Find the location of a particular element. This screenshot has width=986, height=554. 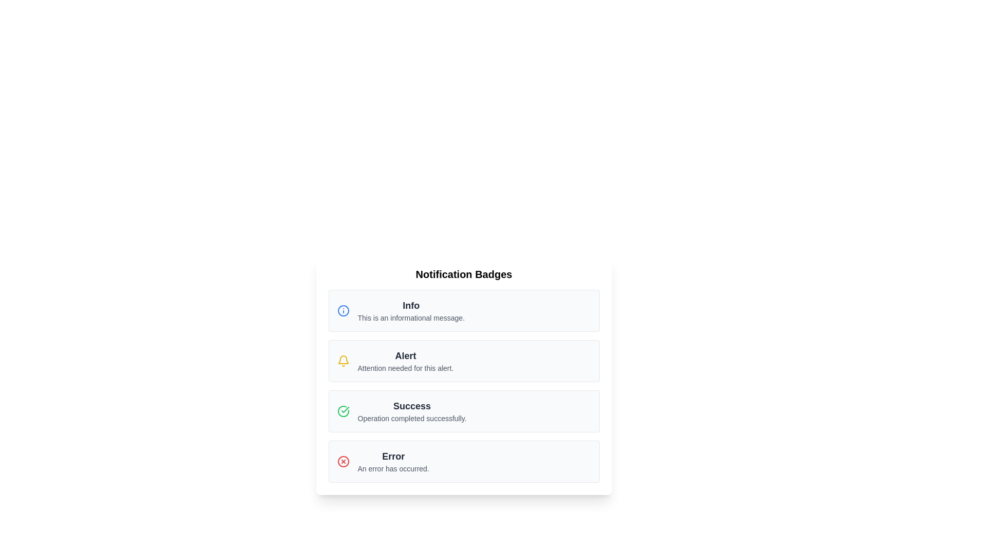

the 'Success' notification title text label, which is located at the top of the notification box and precedes the message 'Operation completed successfully.' is located at coordinates (412, 405).